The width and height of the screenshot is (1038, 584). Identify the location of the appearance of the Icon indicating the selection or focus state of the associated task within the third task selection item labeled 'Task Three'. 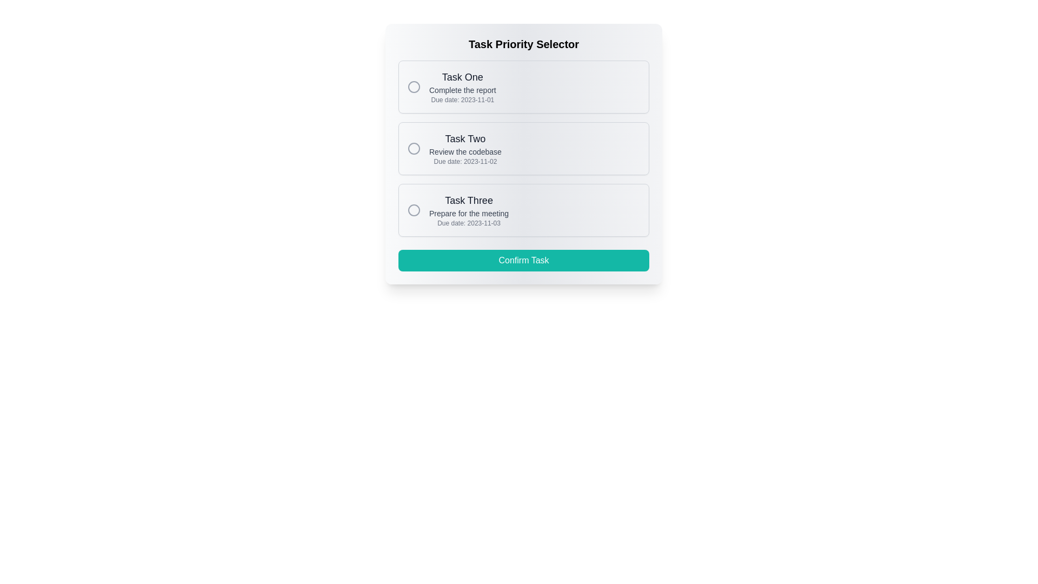
(414, 210).